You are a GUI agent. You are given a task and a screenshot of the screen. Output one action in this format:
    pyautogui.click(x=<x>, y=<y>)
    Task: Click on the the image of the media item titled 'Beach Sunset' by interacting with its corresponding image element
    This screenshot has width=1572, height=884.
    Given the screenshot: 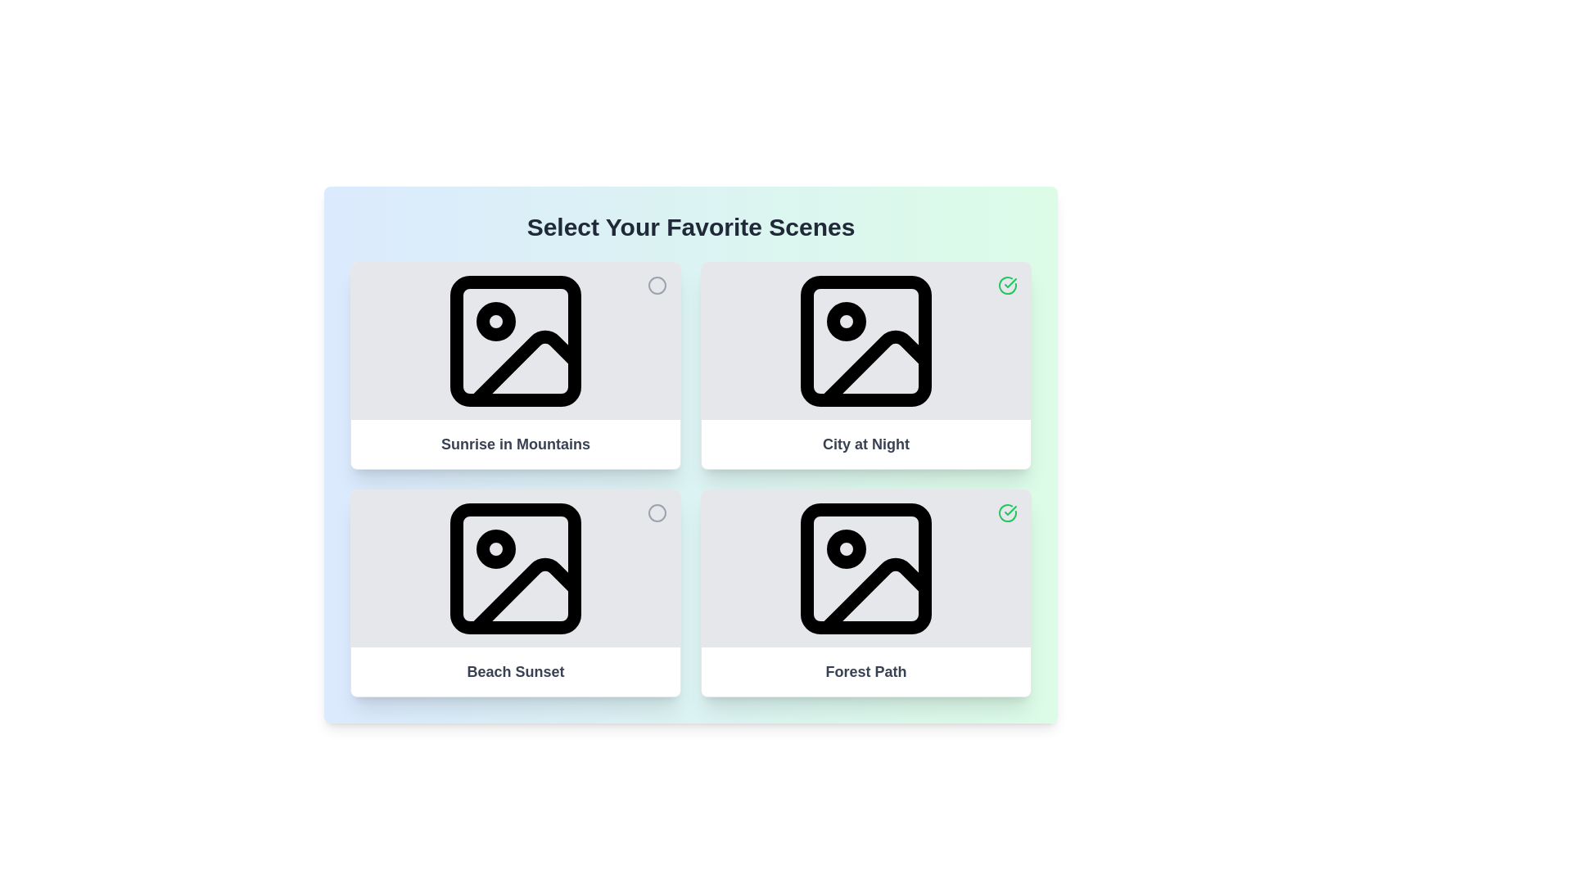 What is the action you would take?
    pyautogui.click(x=514, y=567)
    